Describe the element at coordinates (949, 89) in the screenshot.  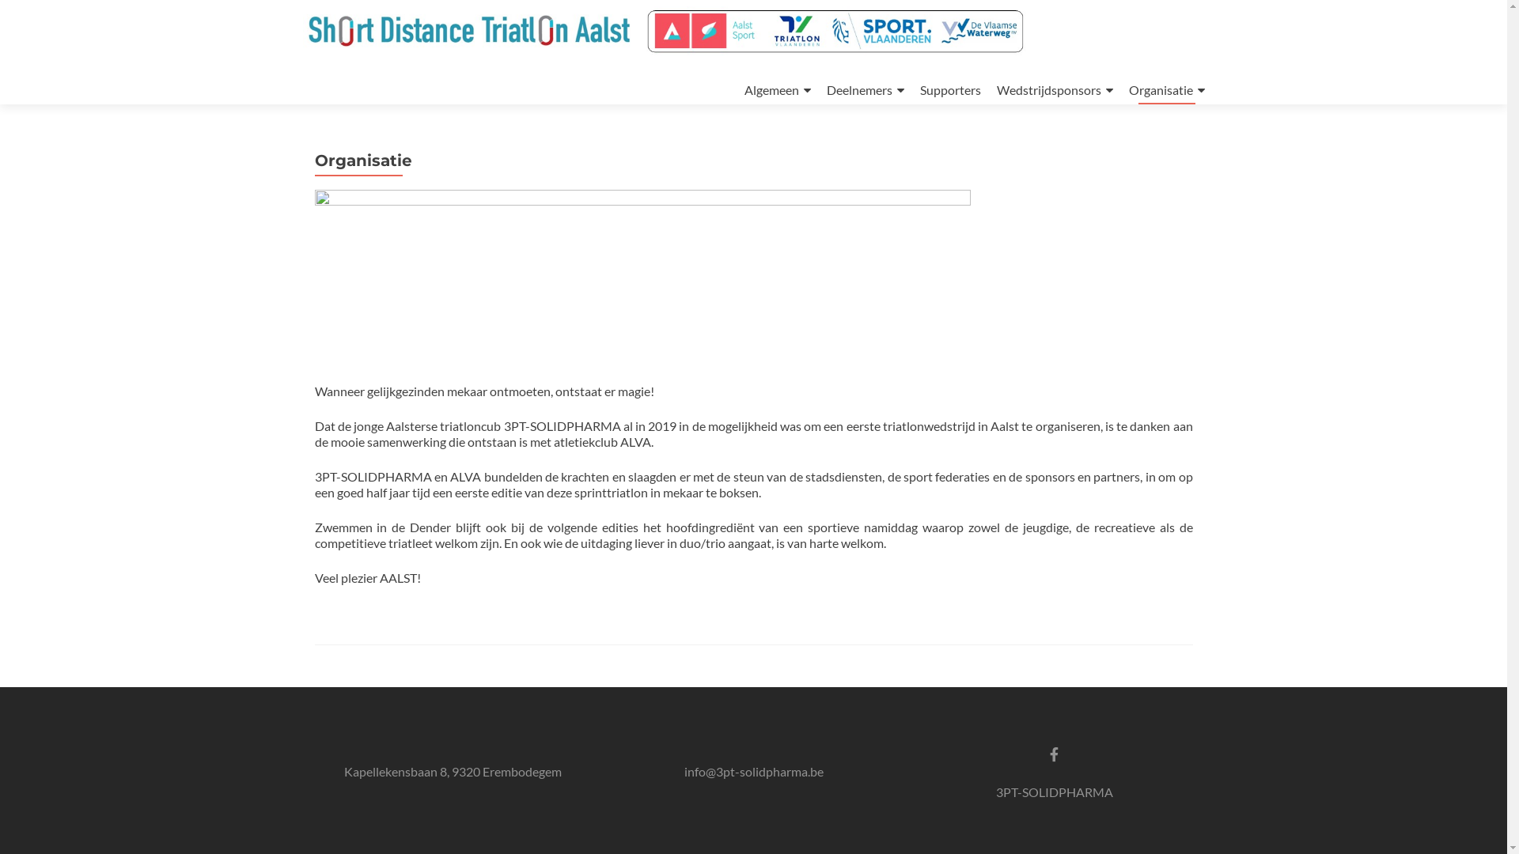
I see `'Supporters'` at that location.